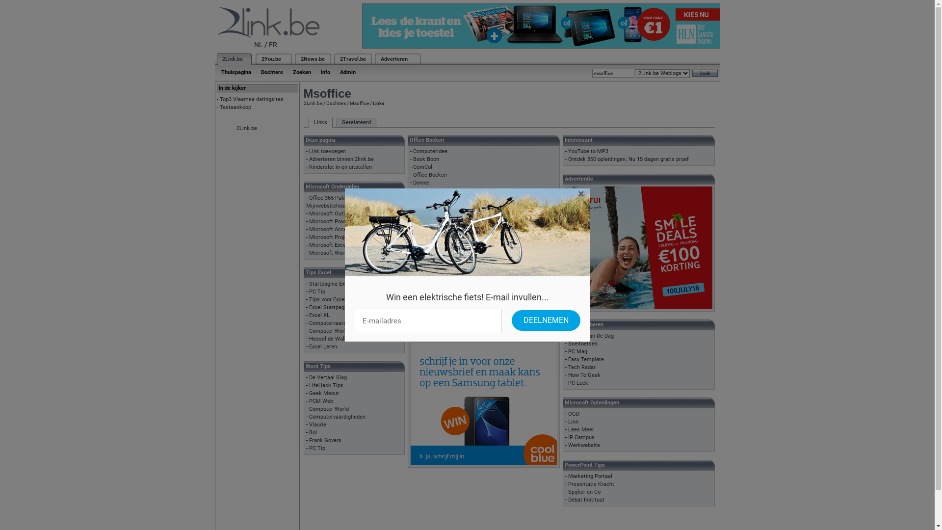 This screenshot has height=530, width=942. What do you see at coordinates (421, 183) in the screenshot?
I see `'Donner'` at bounding box center [421, 183].